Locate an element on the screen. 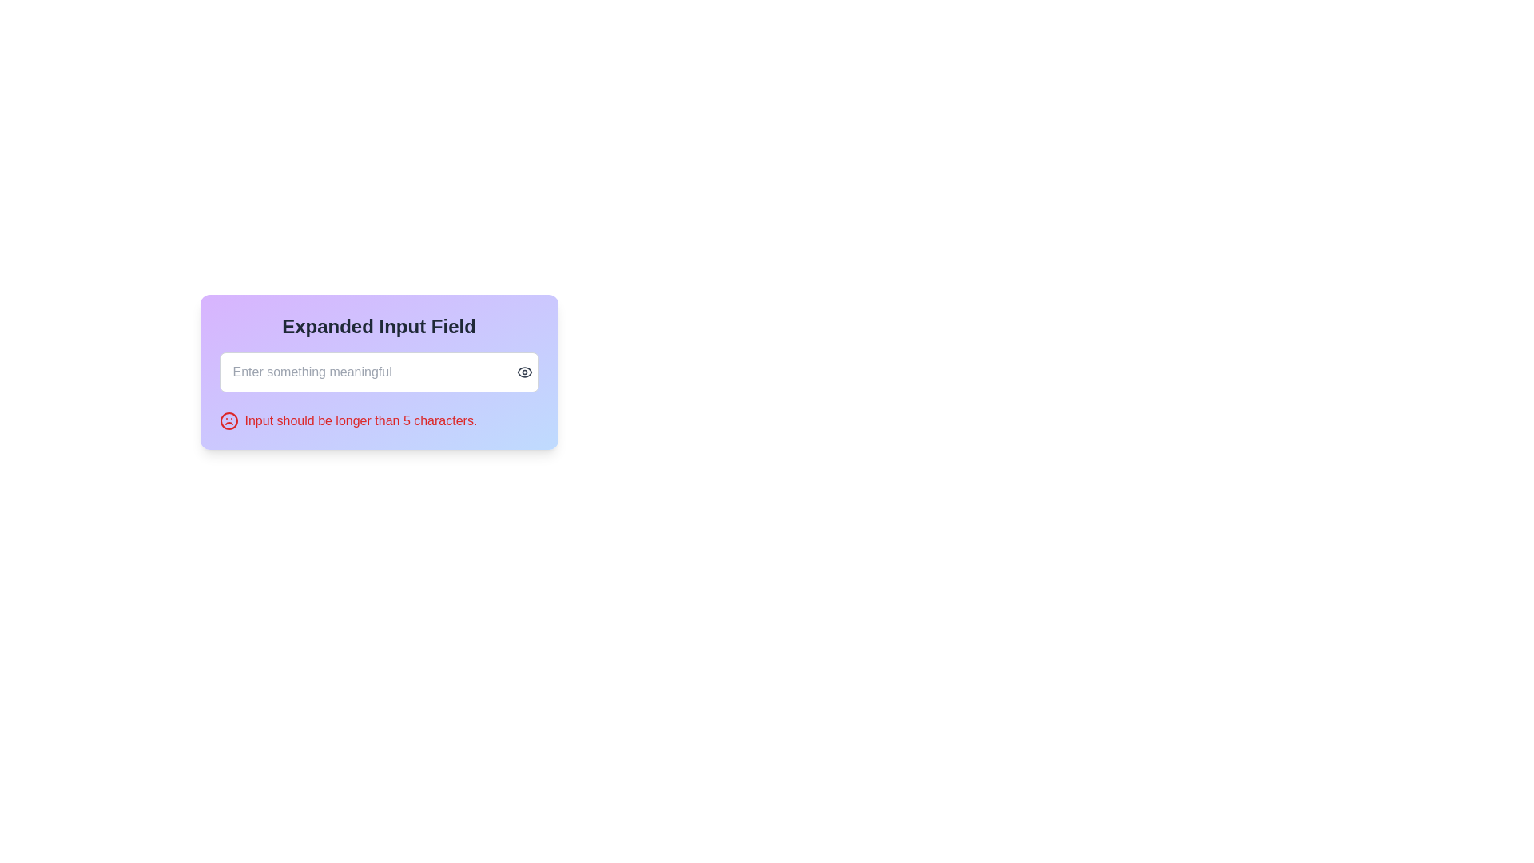 The height and width of the screenshot is (863, 1534). the small red frown face icon located to the left of the error message text 'Input should be longer than 5 characters.' is located at coordinates (228, 420).